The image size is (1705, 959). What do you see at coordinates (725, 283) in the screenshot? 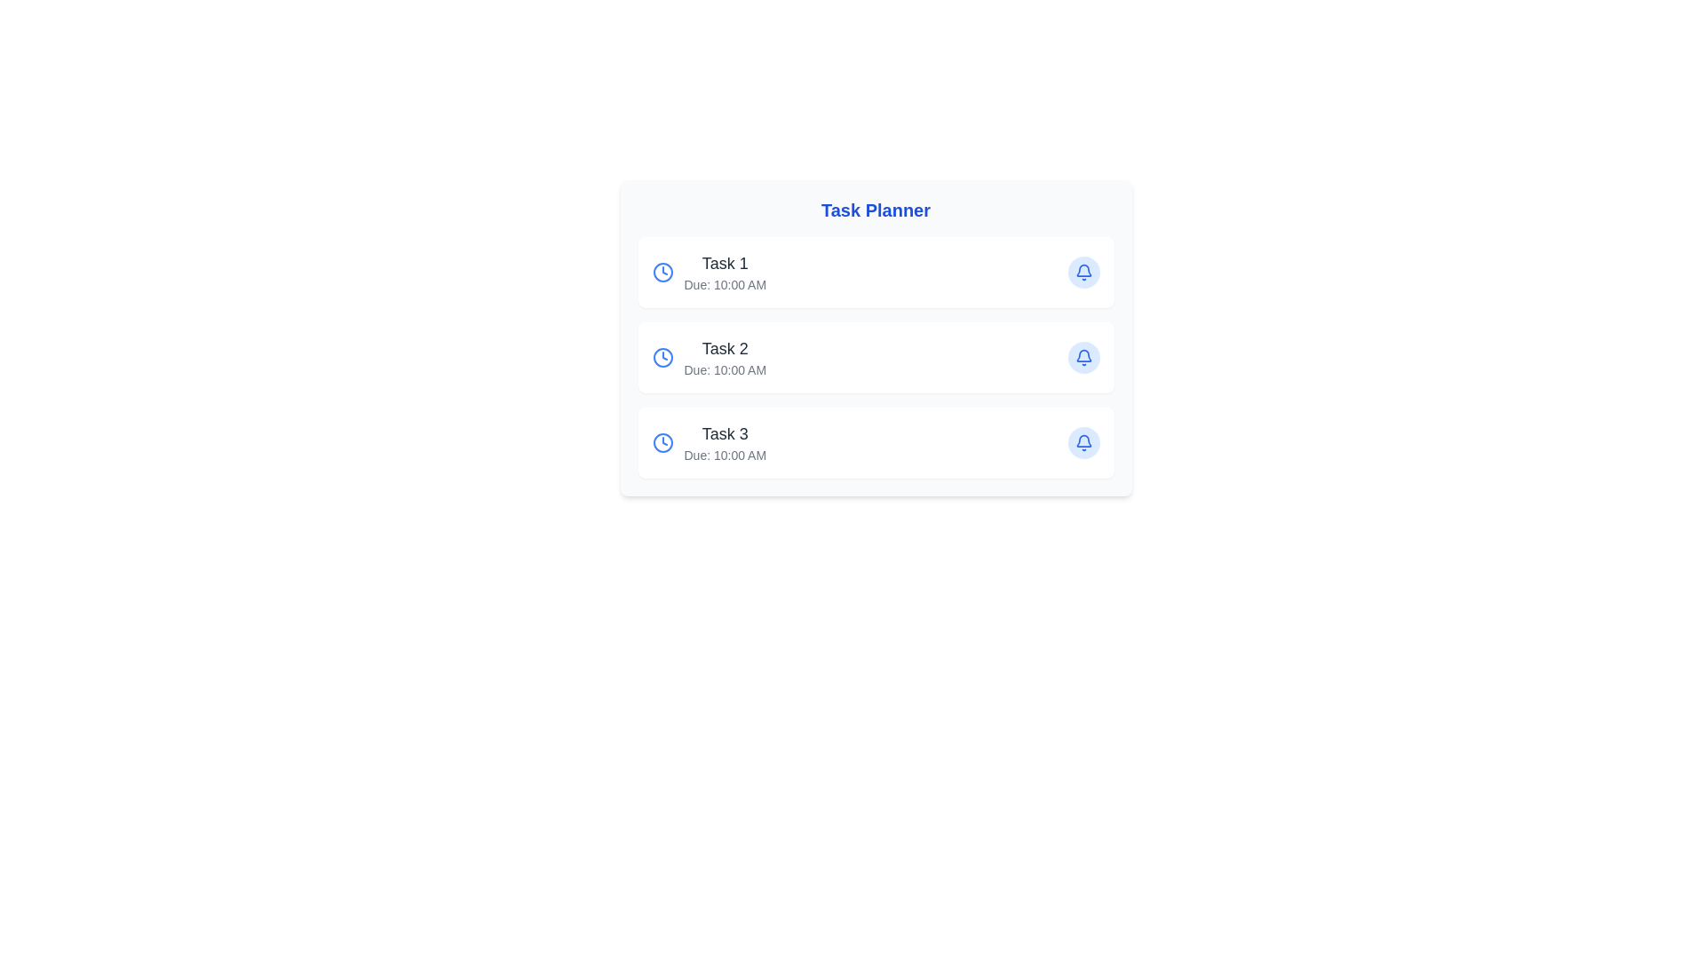
I see `due time from the text label that displays 'Due: 10:00 AM', located directly below 'Task 1' in the first task card of the 'Task Planner' list` at bounding box center [725, 283].